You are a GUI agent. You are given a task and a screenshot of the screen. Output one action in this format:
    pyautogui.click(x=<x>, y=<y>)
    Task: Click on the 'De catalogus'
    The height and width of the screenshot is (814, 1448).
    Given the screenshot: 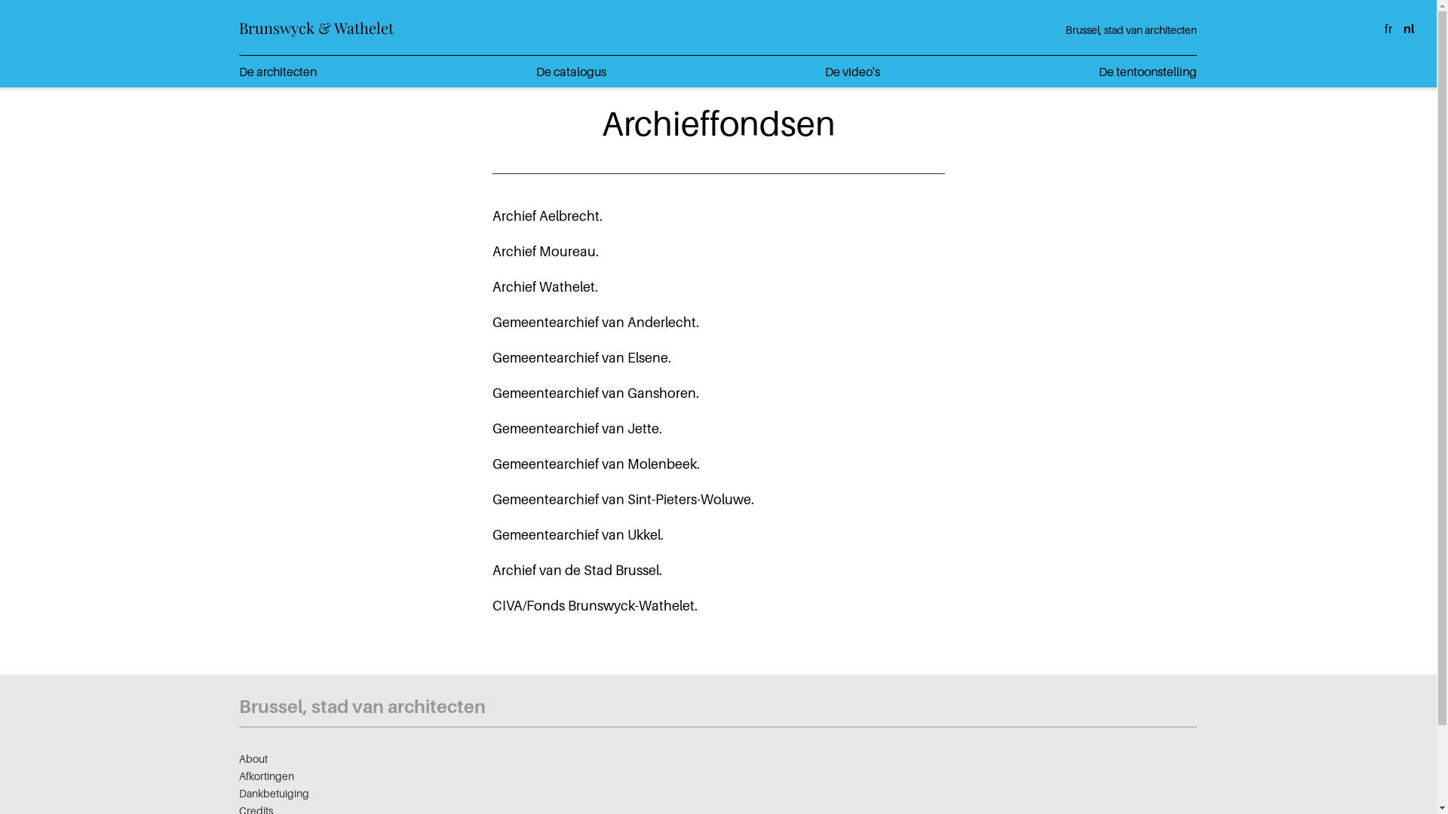 What is the action you would take?
    pyautogui.click(x=570, y=72)
    